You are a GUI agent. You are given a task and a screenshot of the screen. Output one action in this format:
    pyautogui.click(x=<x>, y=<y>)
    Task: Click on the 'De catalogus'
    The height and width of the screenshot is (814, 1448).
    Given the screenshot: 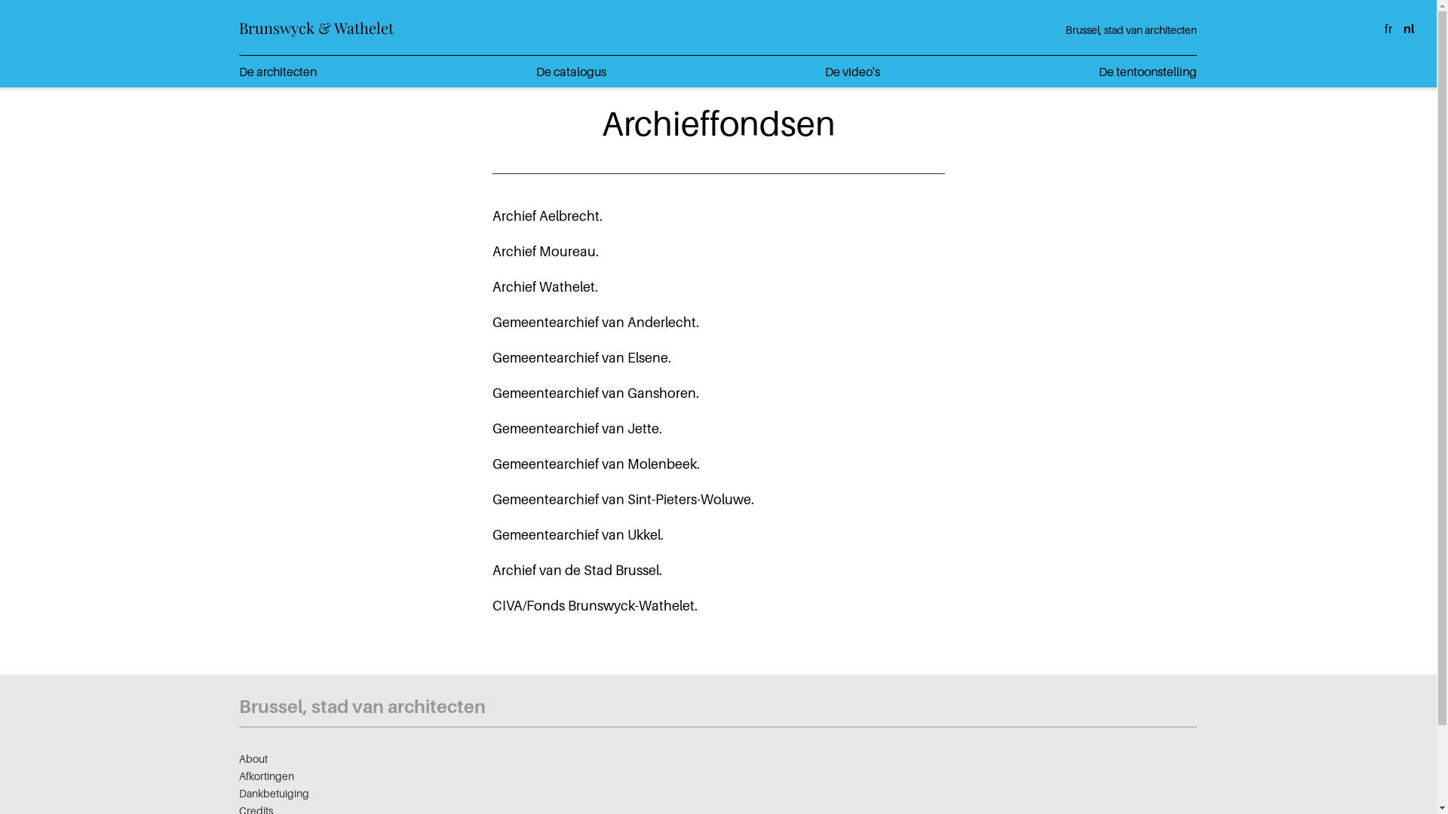 What is the action you would take?
    pyautogui.click(x=570, y=72)
    